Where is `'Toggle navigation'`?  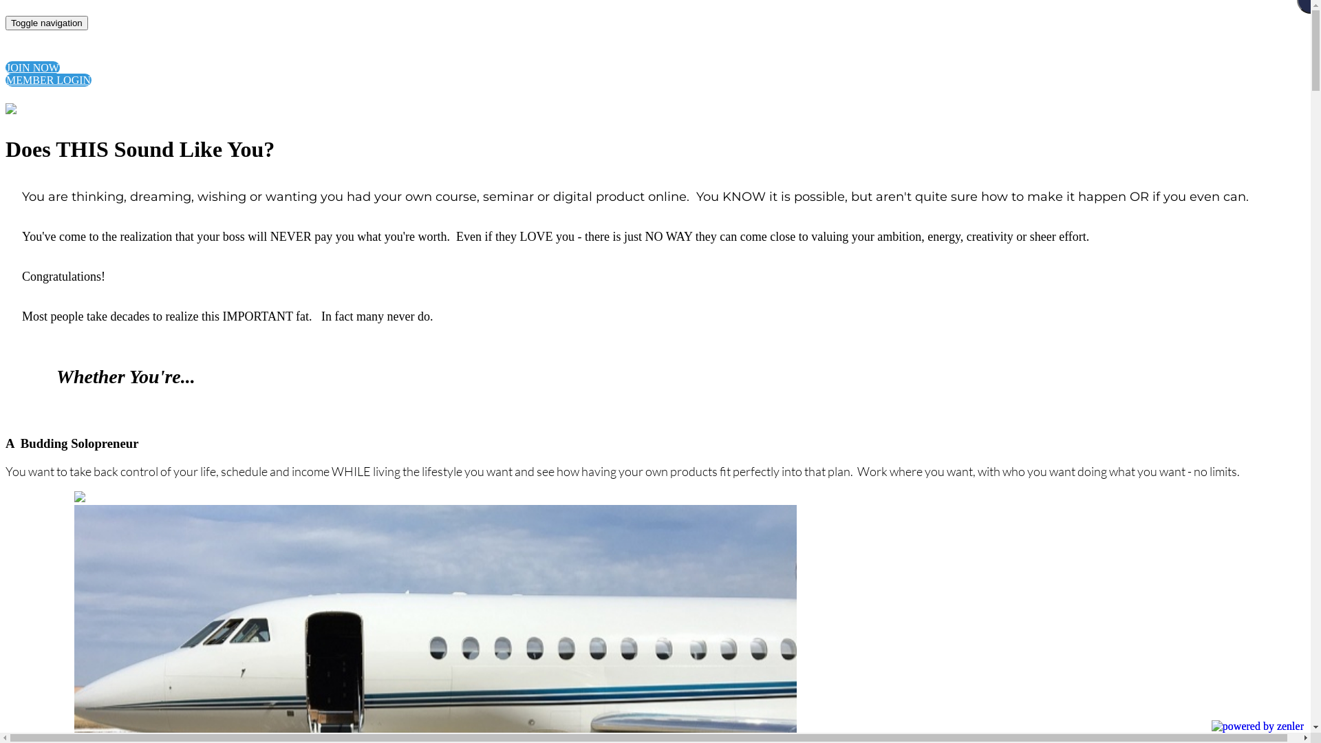
'Toggle navigation' is located at coordinates (46, 23).